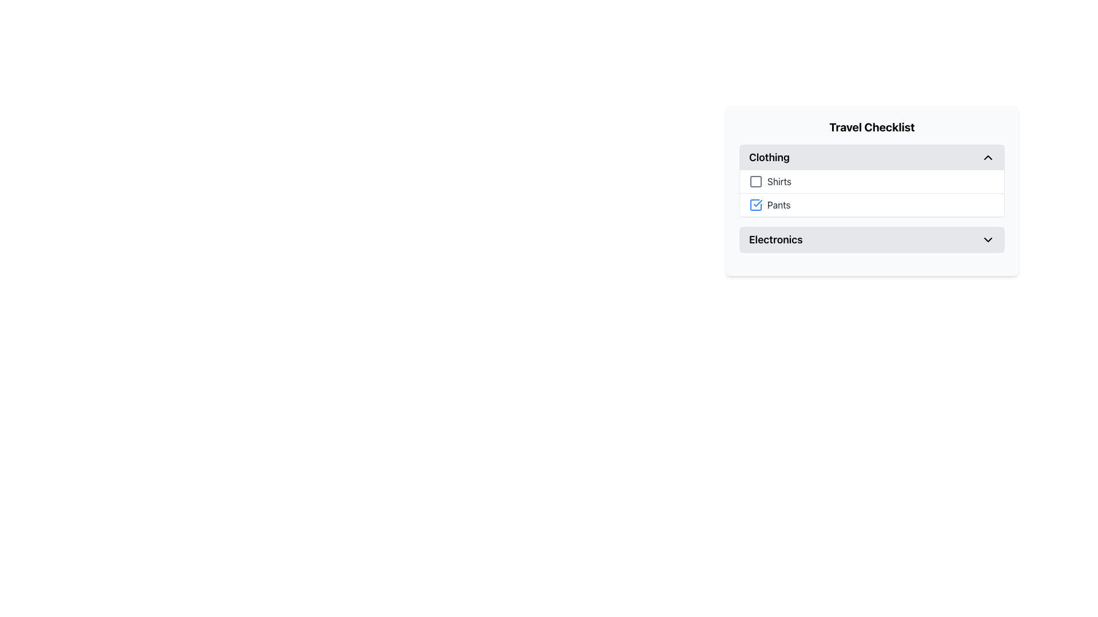 The width and height of the screenshot is (1098, 617). Describe the element at coordinates (755, 181) in the screenshot. I see `the unselected checkbox located to the left of the text 'Shirts' in the 'Clothing' section` at that location.